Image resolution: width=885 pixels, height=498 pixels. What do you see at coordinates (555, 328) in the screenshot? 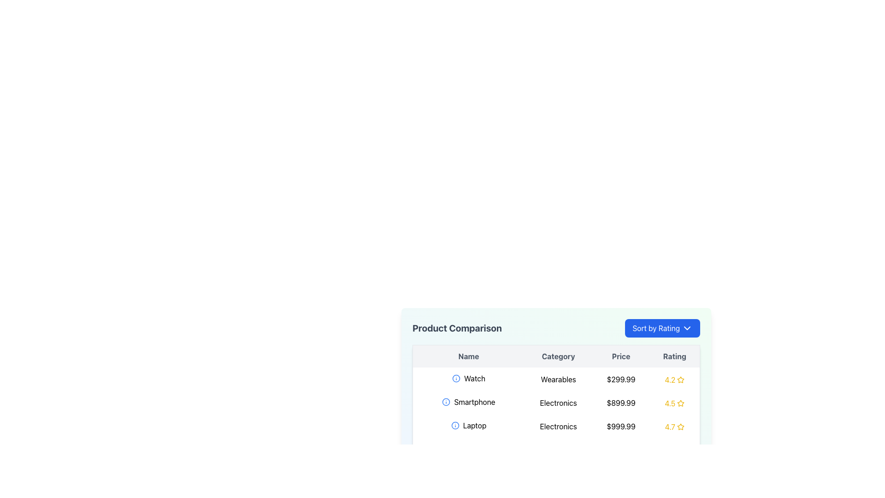
I see `the title 'Product Comparison' which is styled in bold and positioned to the left of the button 'Sort by Rating'` at bounding box center [555, 328].